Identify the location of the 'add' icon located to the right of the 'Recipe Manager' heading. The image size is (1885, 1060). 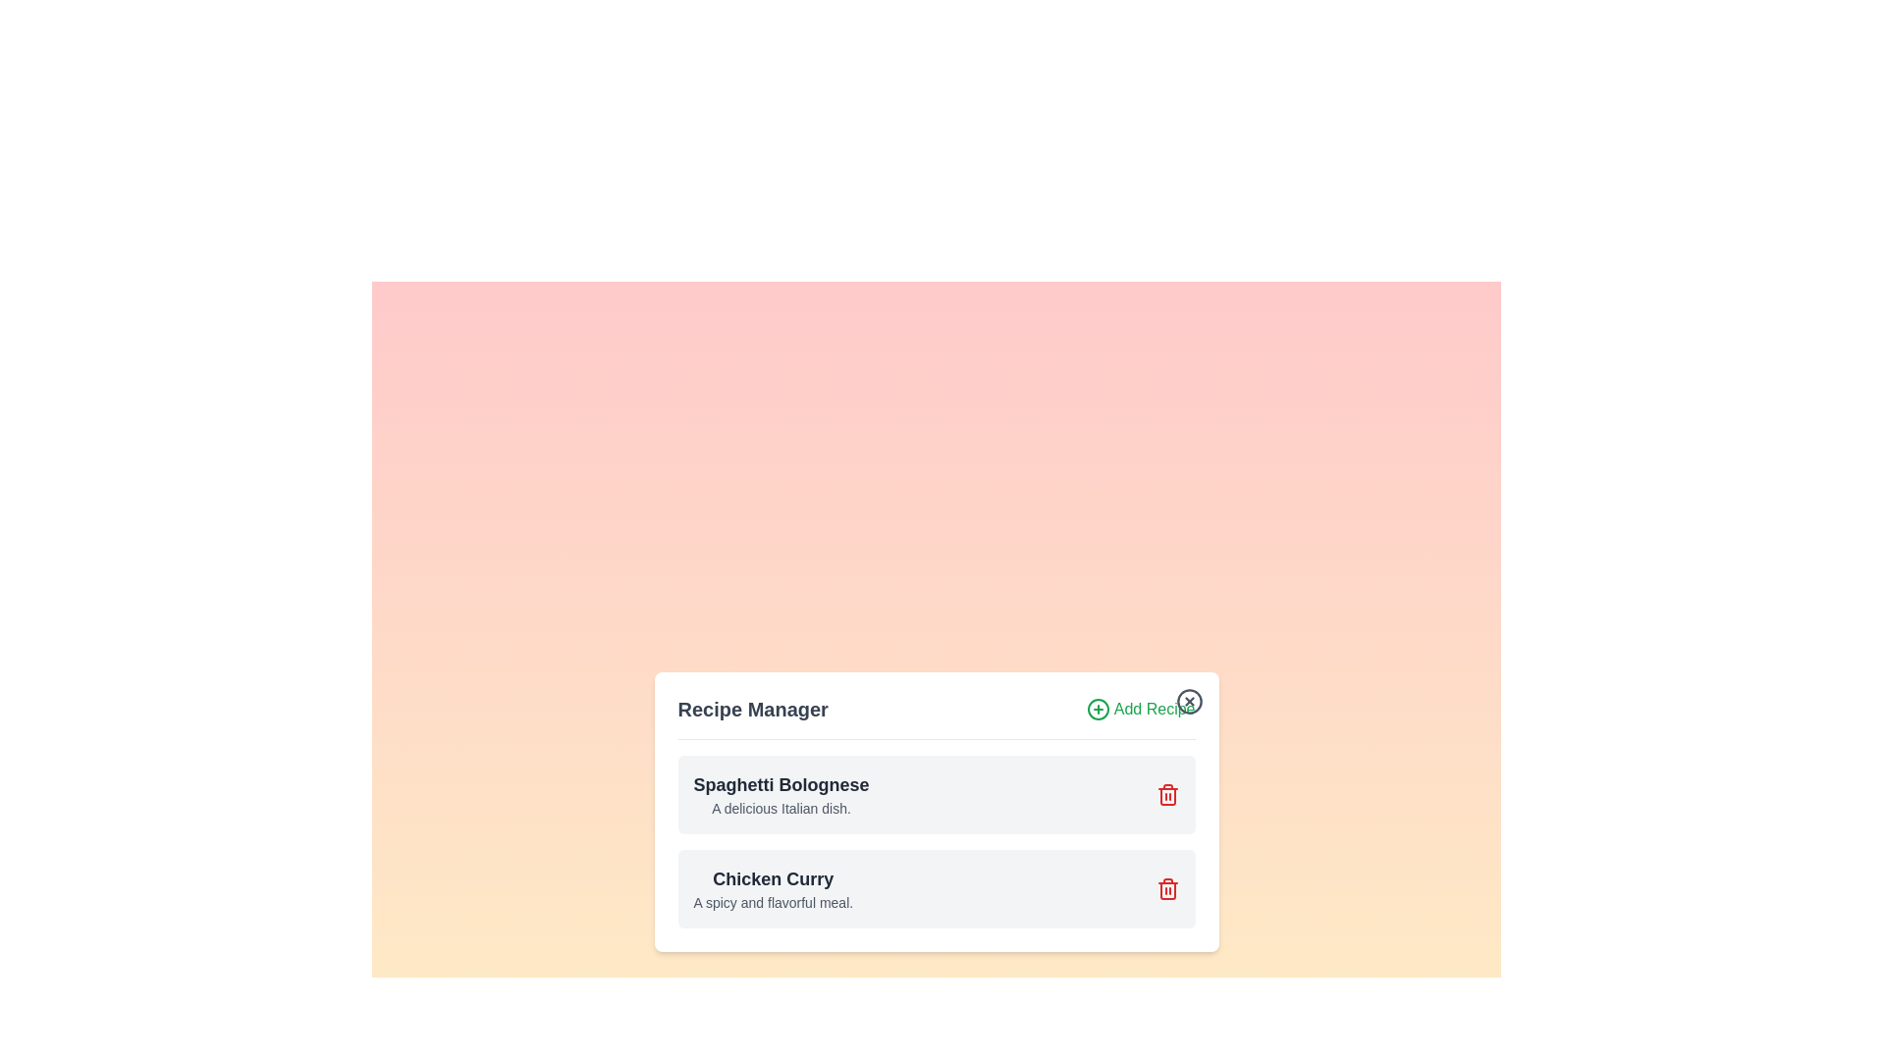
(1097, 709).